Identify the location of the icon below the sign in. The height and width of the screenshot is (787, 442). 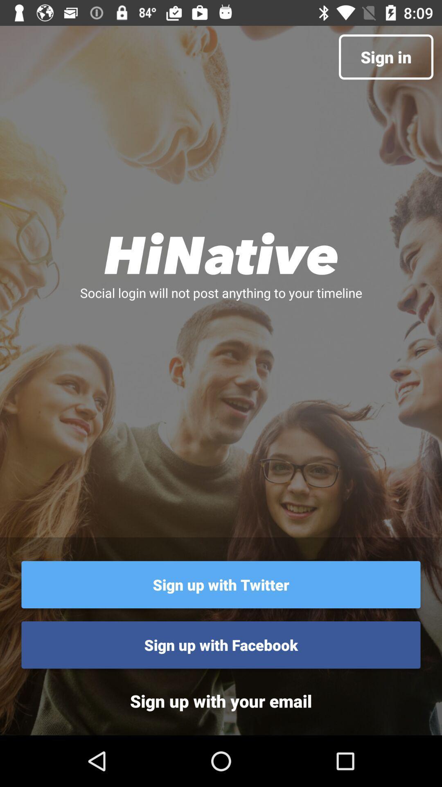
(221, 253).